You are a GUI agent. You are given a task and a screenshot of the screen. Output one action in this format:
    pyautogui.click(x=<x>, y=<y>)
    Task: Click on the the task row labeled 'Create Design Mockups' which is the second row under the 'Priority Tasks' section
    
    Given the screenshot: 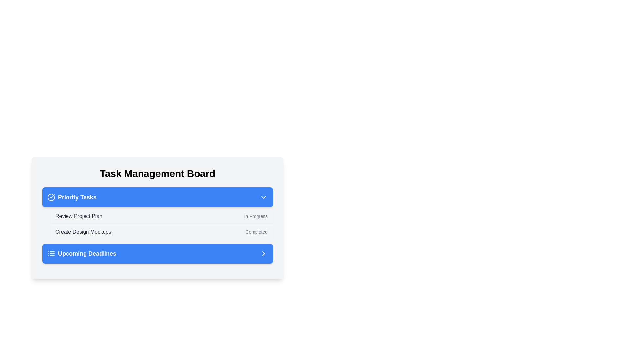 What is the action you would take?
    pyautogui.click(x=162, y=232)
    